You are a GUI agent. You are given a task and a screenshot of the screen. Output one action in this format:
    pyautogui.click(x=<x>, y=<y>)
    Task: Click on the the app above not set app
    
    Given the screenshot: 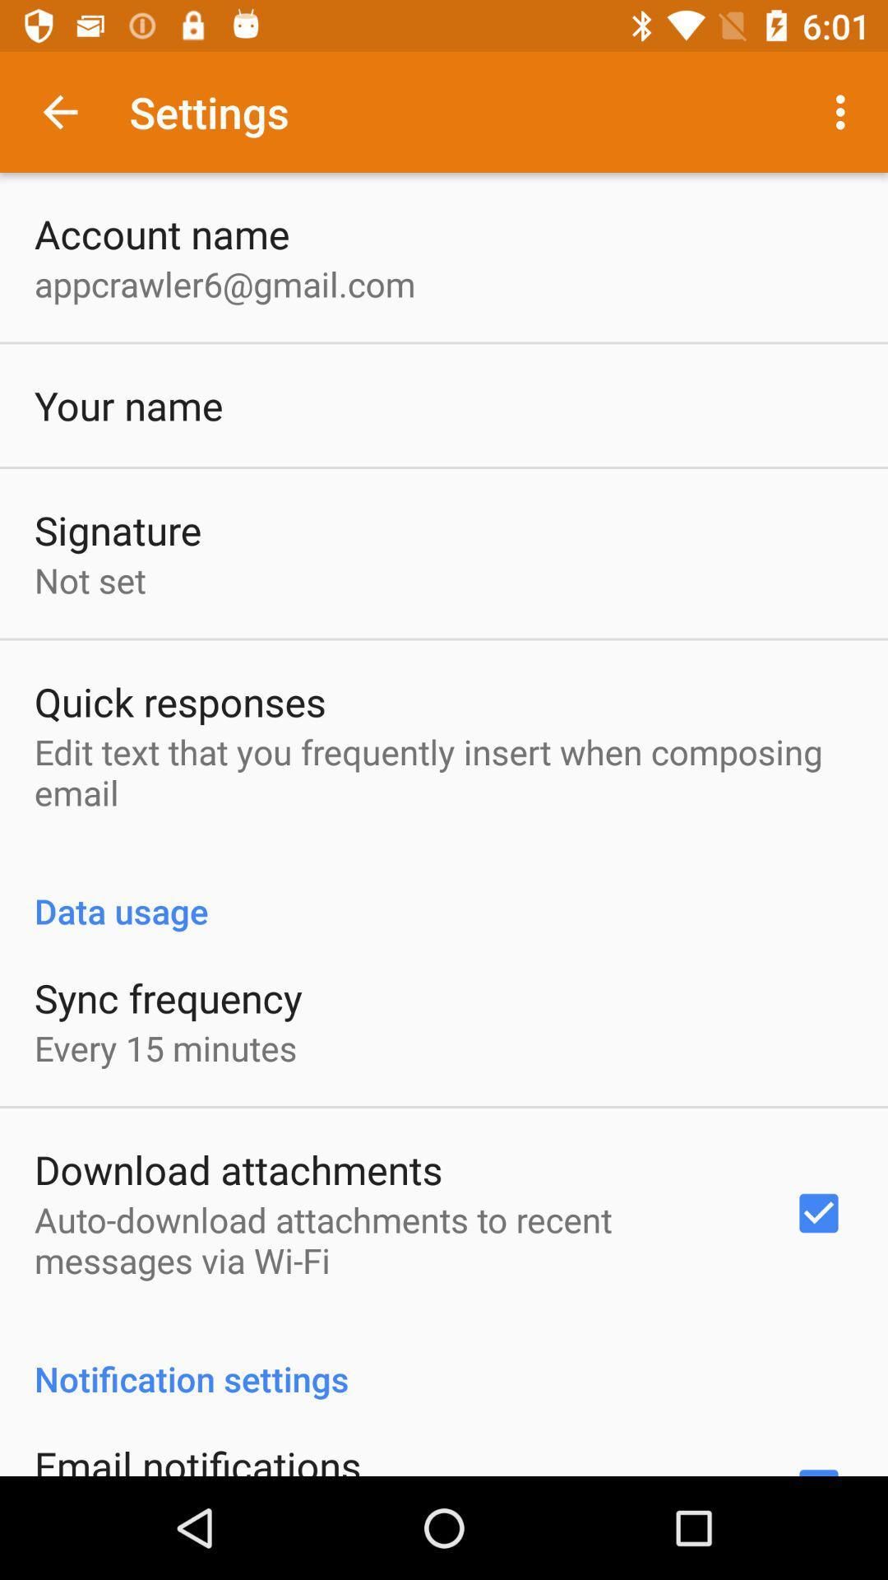 What is the action you would take?
    pyautogui.click(x=117, y=530)
    